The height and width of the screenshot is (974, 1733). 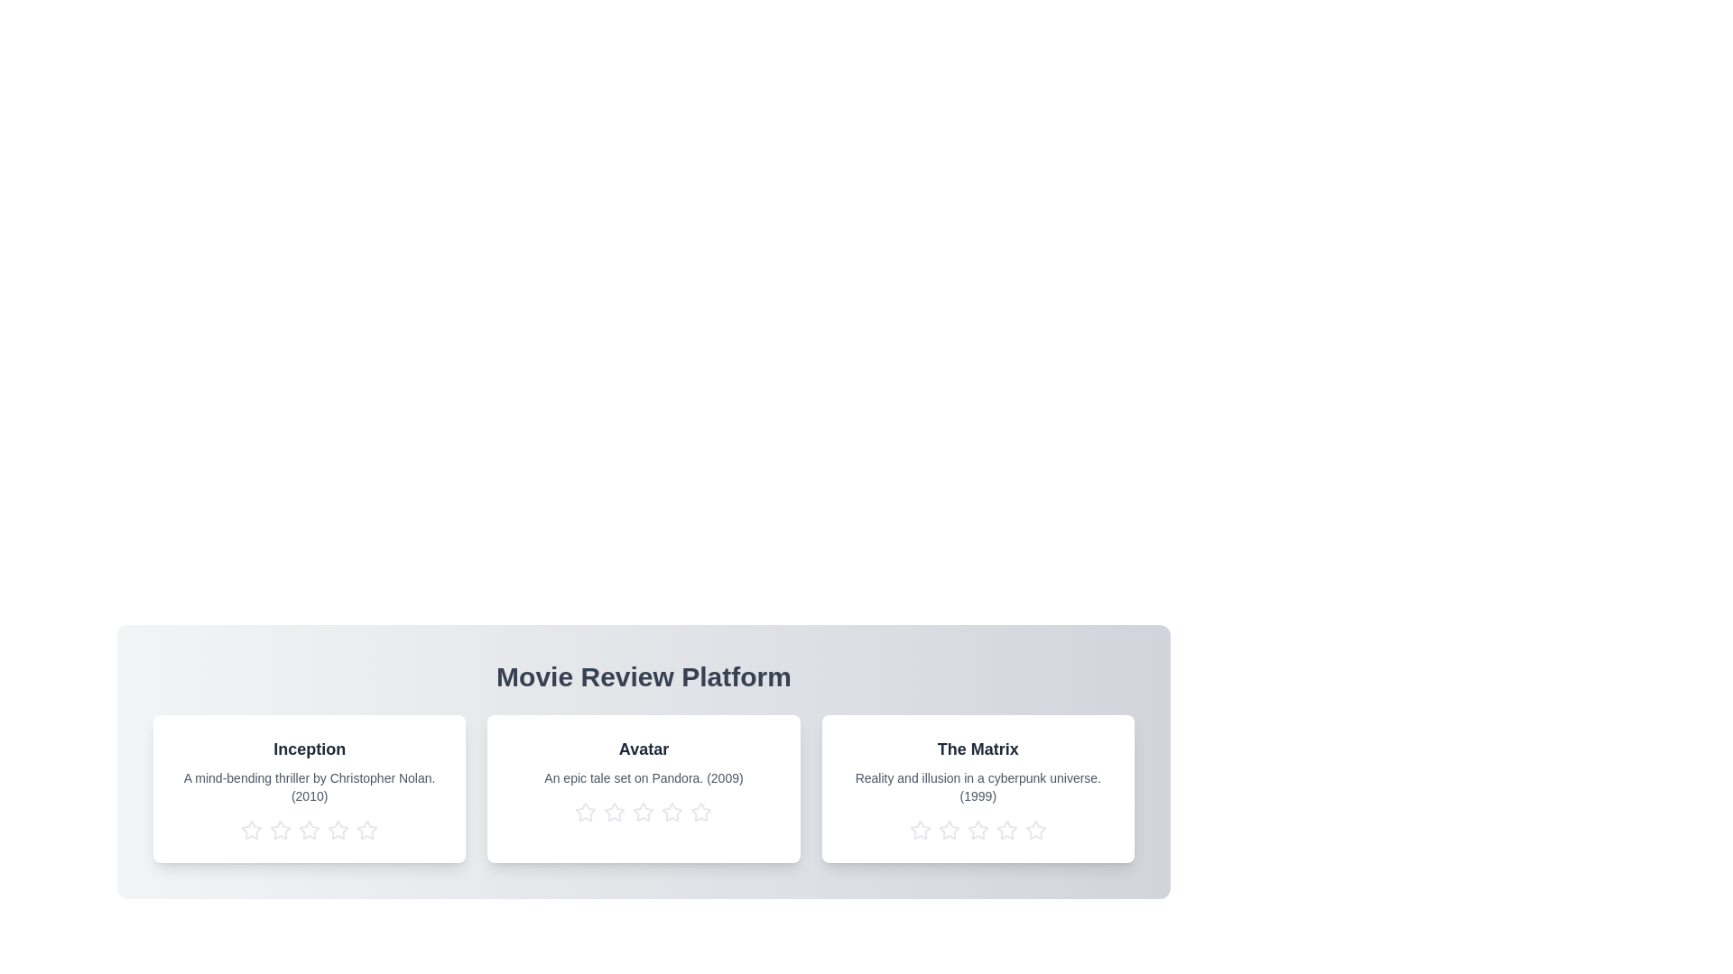 I want to click on the movie title The Matrix to focus on its description, so click(x=977, y=749).